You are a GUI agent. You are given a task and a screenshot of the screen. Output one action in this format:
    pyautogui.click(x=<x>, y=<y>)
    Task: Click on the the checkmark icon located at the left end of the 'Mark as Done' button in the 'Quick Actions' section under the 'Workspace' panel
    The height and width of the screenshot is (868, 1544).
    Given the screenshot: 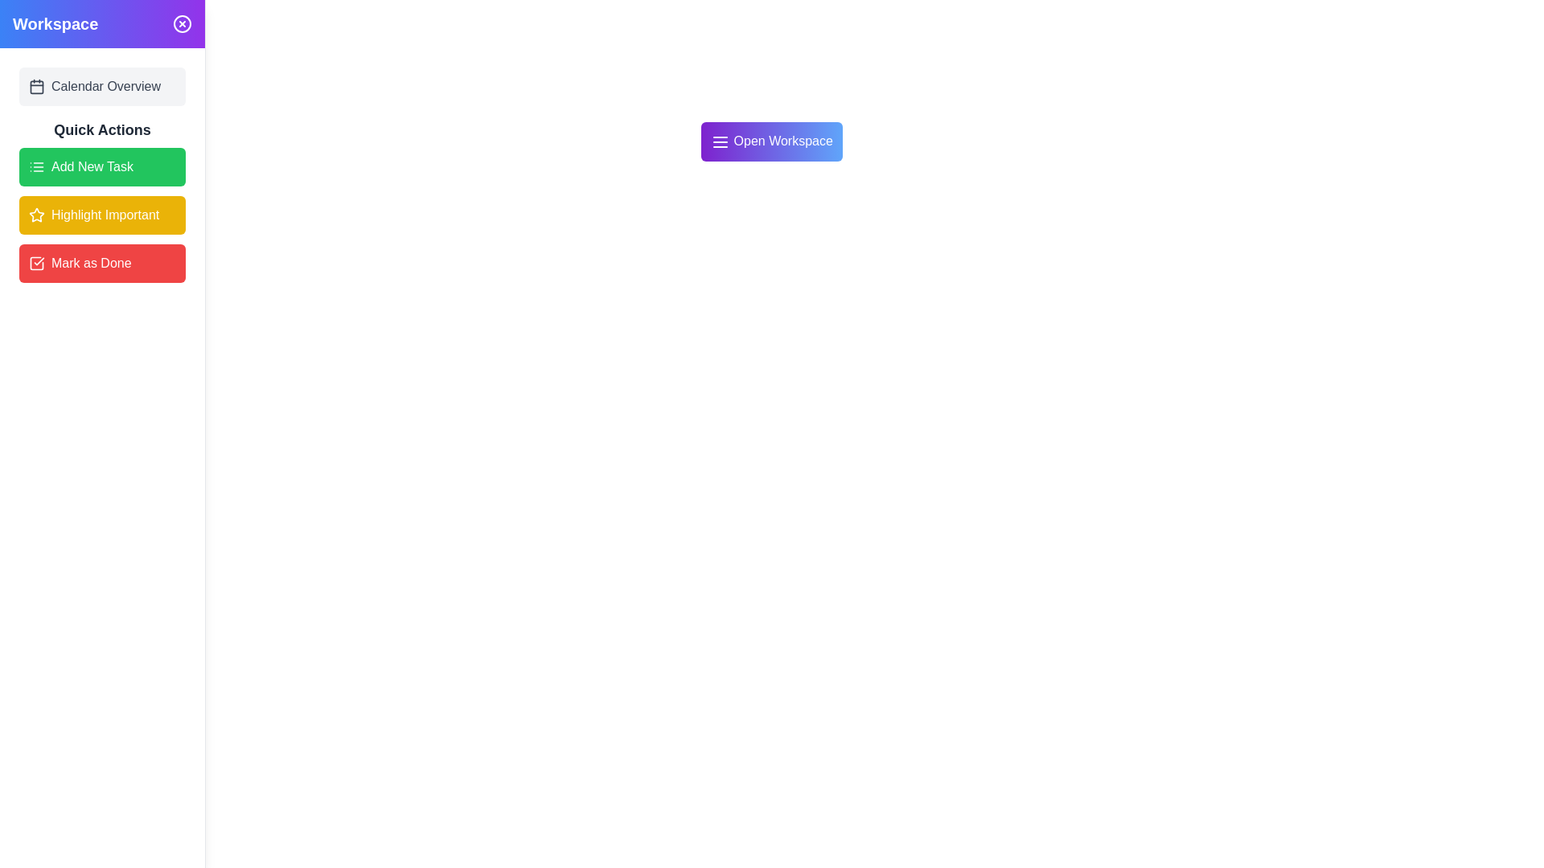 What is the action you would take?
    pyautogui.click(x=37, y=262)
    